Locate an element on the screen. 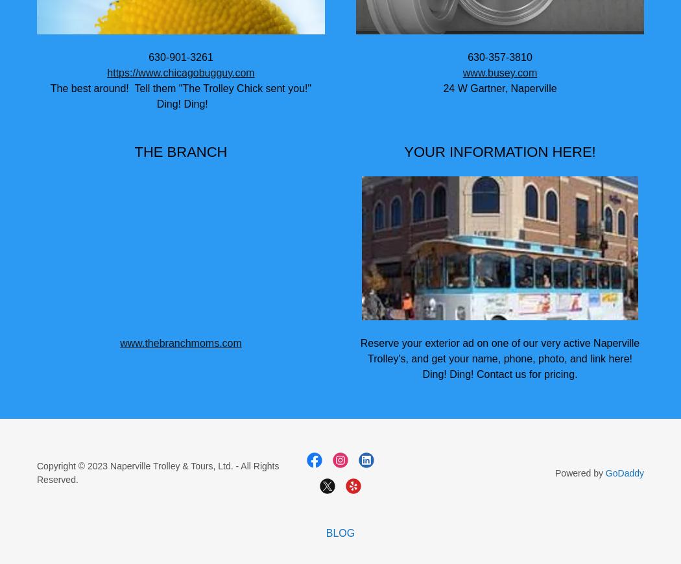 The height and width of the screenshot is (564, 681). 'GoDaddy' is located at coordinates (623, 472).